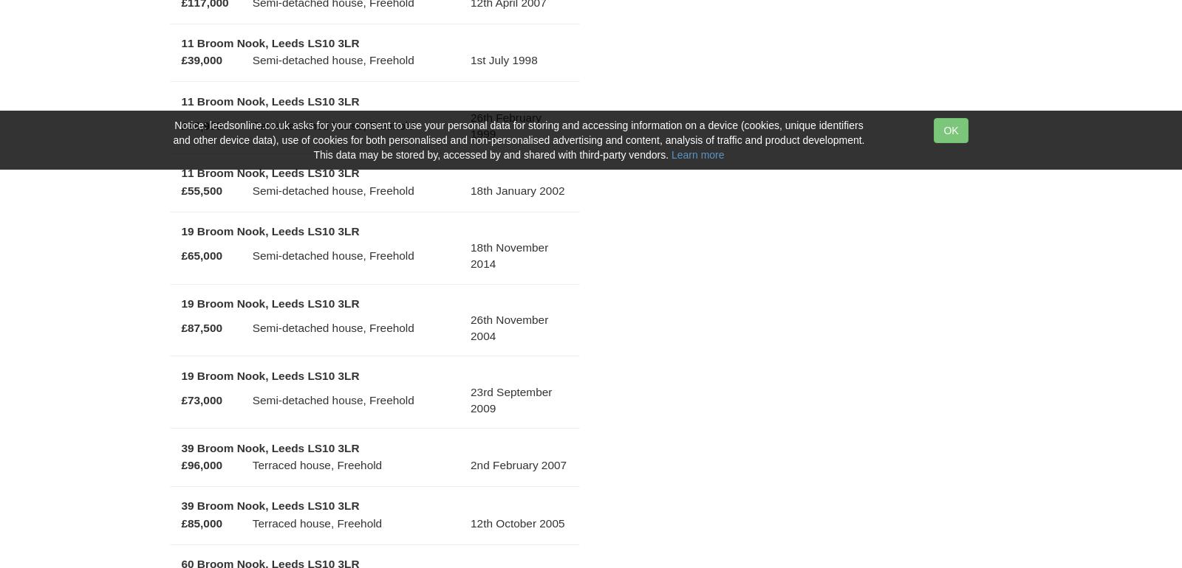  Describe the element at coordinates (201, 255) in the screenshot. I see `'£65,000'` at that location.